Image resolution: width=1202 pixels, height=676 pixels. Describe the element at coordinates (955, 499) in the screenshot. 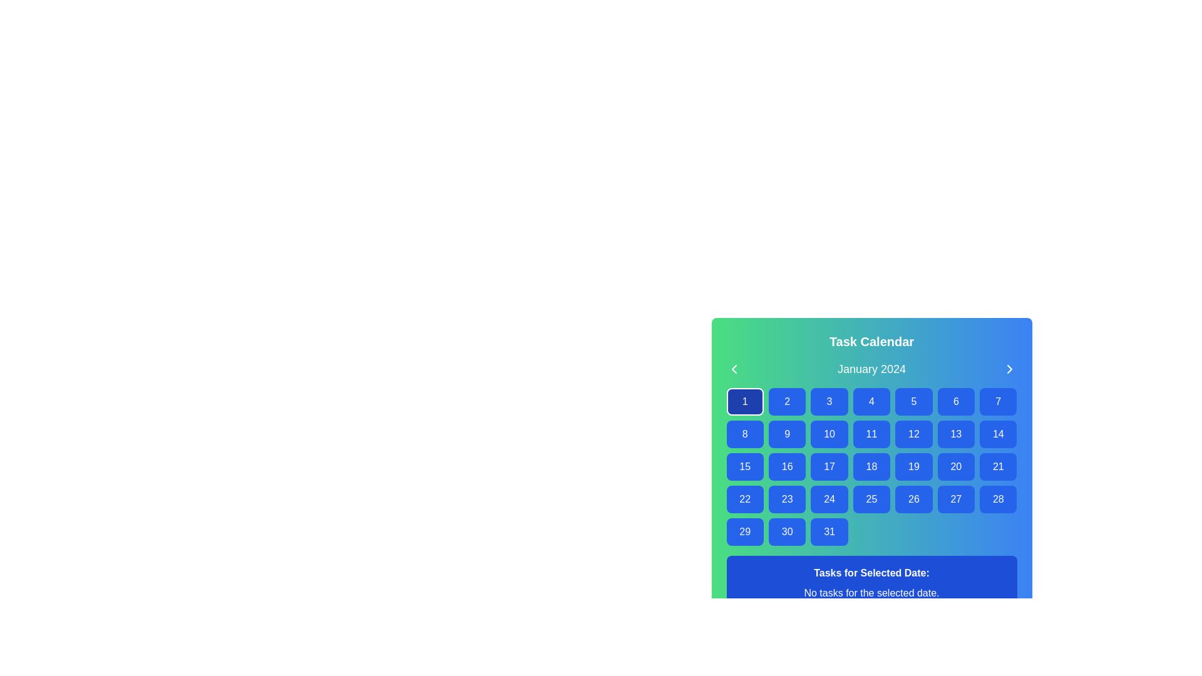

I see `the blue gradient button with the white number '27' at its center, located in the last week row of the calendar grid, specifically in the sixth column from the left` at that location.